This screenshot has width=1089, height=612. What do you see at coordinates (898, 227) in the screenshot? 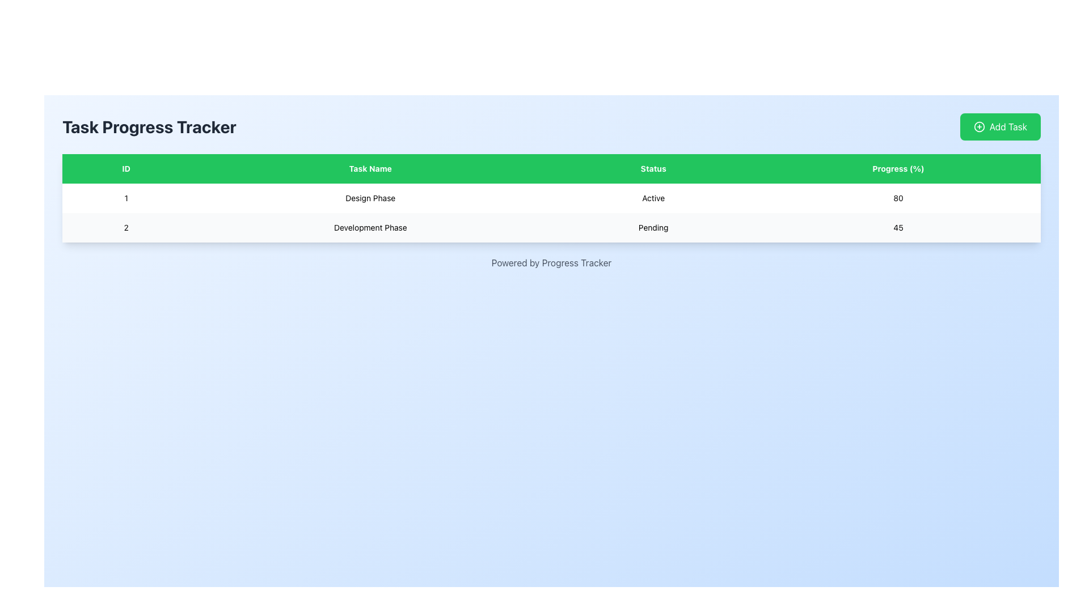
I see `the numeral '45' displayed in black text within the last column of the second row in the 'Task Progress Tracker' table` at bounding box center [898, 227].